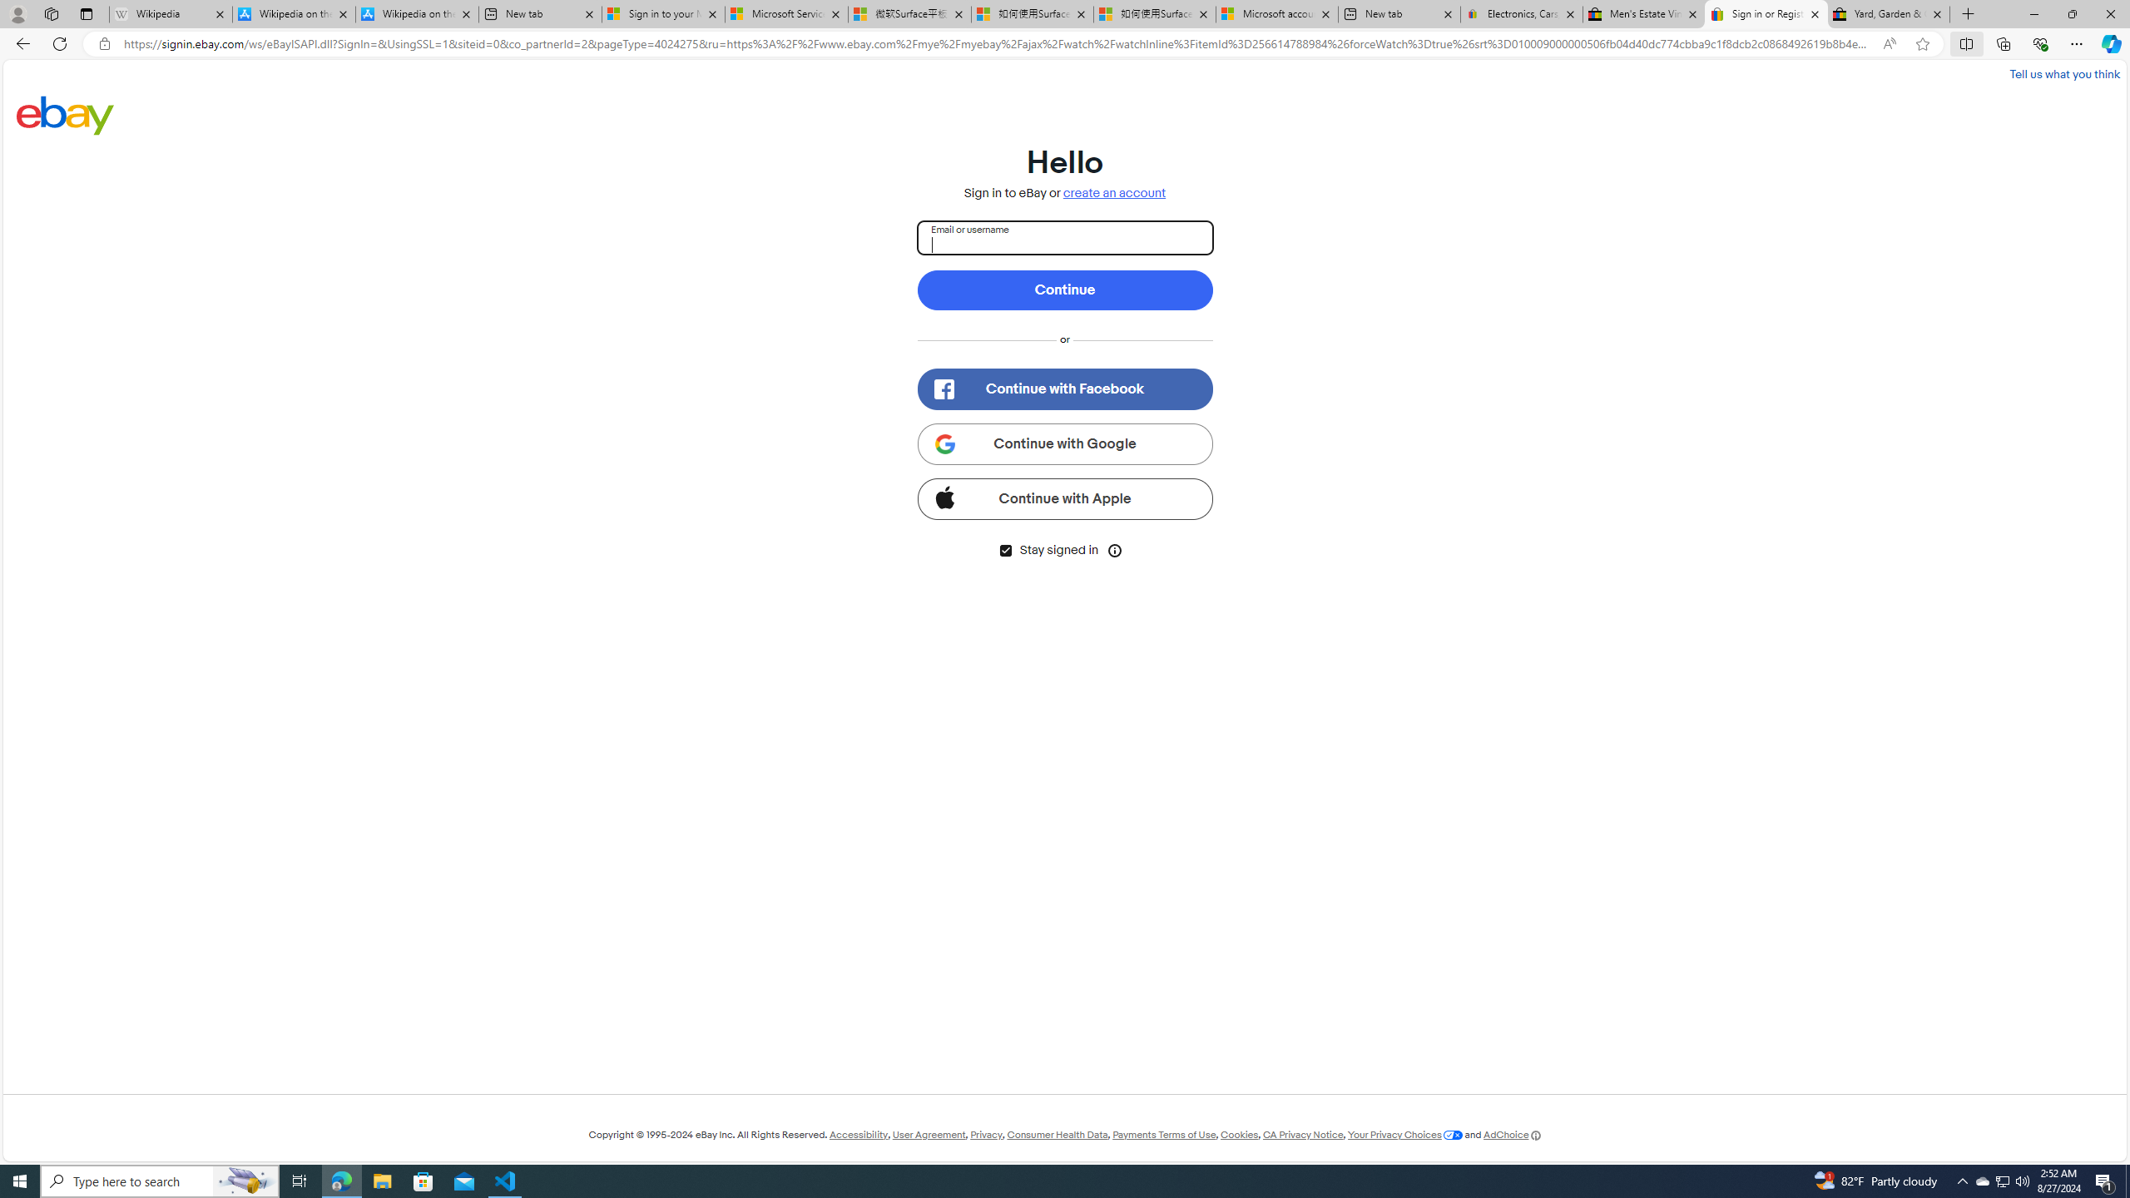  What do you see at coordinates (1765, 13) in the screenshot?
I see `'Sign in or Register | eBay'` at bounding box center [1765, 13].